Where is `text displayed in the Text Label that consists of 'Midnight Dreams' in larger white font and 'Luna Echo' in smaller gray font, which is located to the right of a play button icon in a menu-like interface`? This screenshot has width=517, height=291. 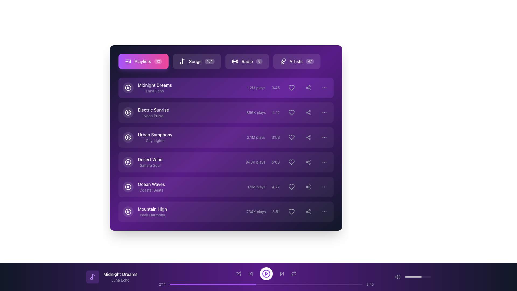 text displayed in the Text Label that consists of 'Midnight Dreams' in larger white font and 'Luna Echo' in smaller gray font, which is located to the right of a play button icon in a menu-like interface is located at coordinates (155, 88).